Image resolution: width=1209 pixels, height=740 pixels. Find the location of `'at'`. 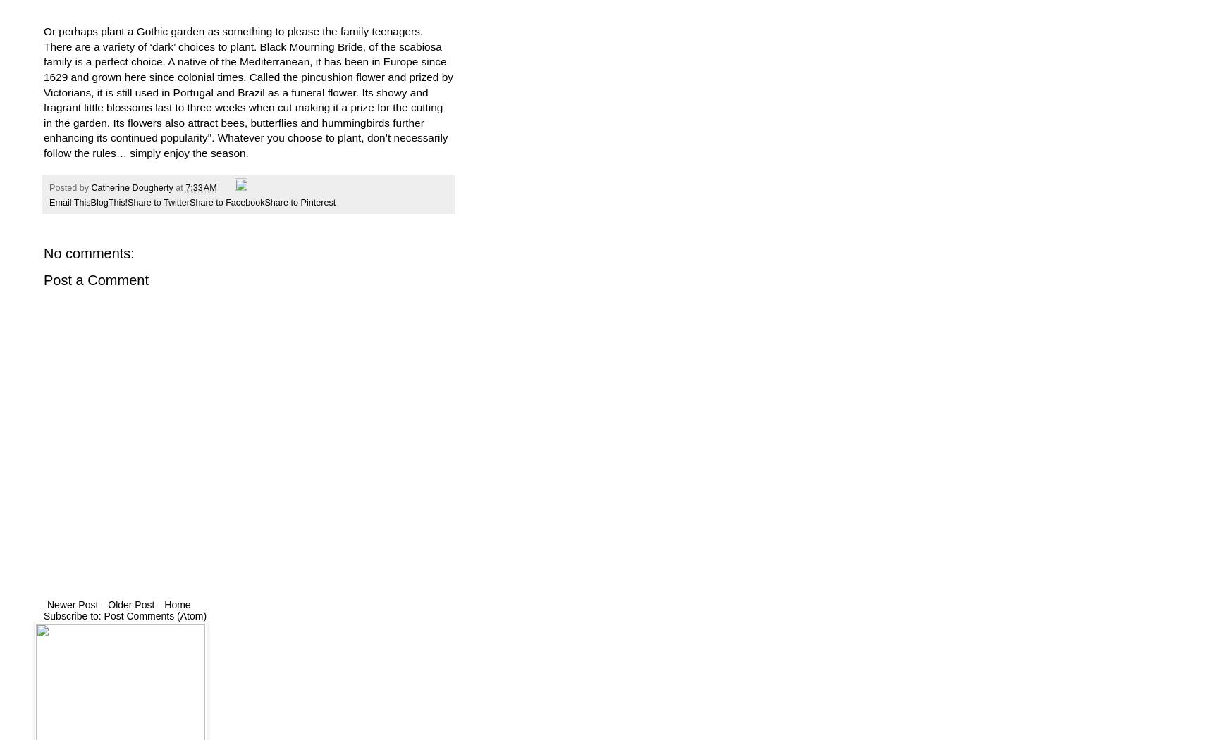

'at' is located at coordinates (180, 187).